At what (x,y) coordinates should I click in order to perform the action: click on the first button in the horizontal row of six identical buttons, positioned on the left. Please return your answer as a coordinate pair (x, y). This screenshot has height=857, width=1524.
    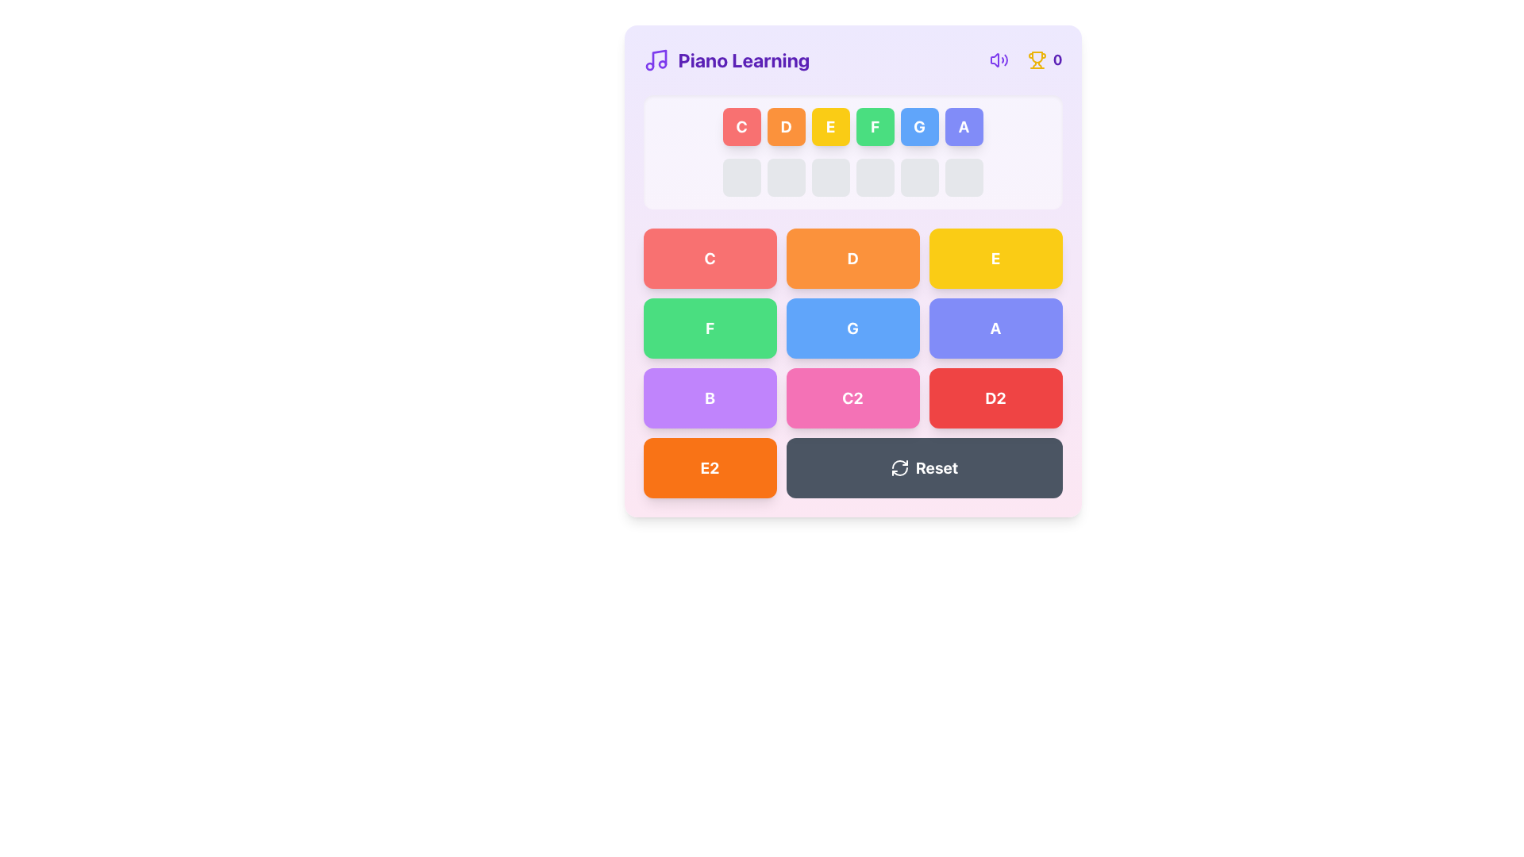
    Looking at the image, I should click on (741, 177).